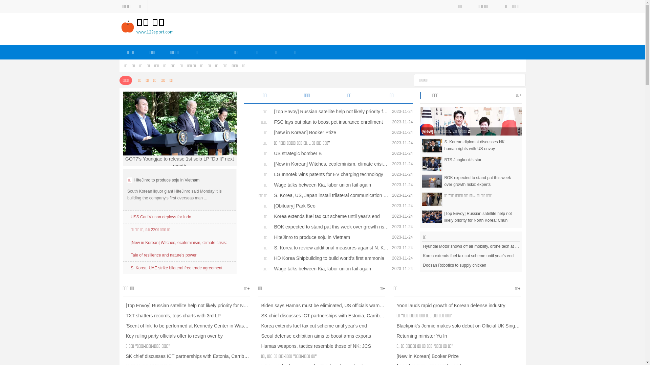 Image resolution: width=650 pixels, height=365 pixels. What do you see at coordinates (480, 160) in the screenshot?
I see `'BTS Jungkook's star'` at bounding box center [480, 160].